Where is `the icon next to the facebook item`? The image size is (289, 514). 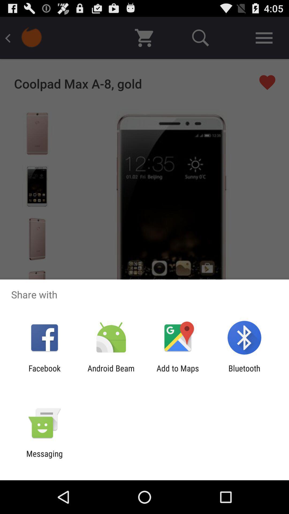
the icon next to the facebook item is located at coordinates (111, 373).